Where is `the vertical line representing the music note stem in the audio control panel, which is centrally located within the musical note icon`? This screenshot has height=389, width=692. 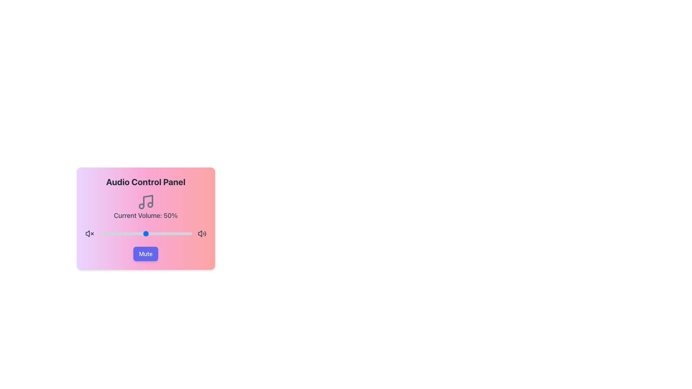
the vertical line representing the music note stem in the audio control panel, which is centrally located within the musical note icon is located at coordinates (147, 201).